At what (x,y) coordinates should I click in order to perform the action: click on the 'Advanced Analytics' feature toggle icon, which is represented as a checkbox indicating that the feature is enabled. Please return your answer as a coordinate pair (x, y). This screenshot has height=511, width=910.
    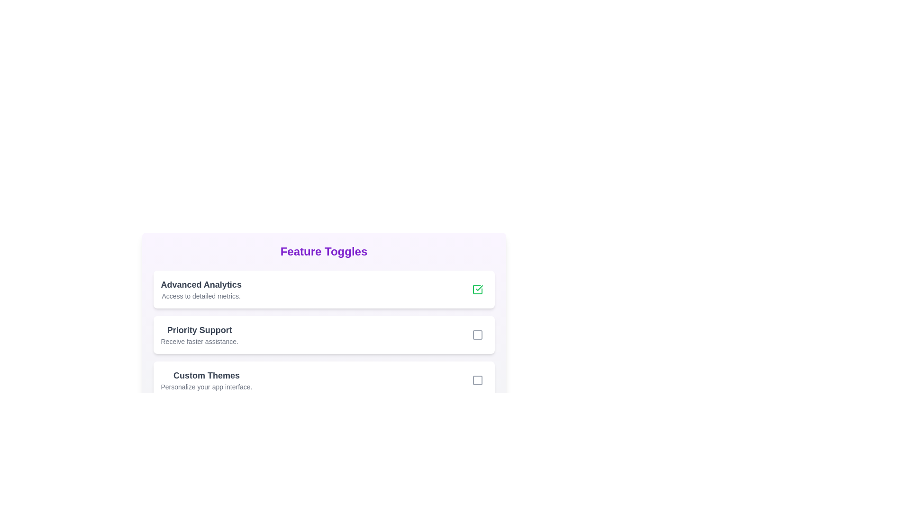
    Looking at the image, I should click on (477, 289).